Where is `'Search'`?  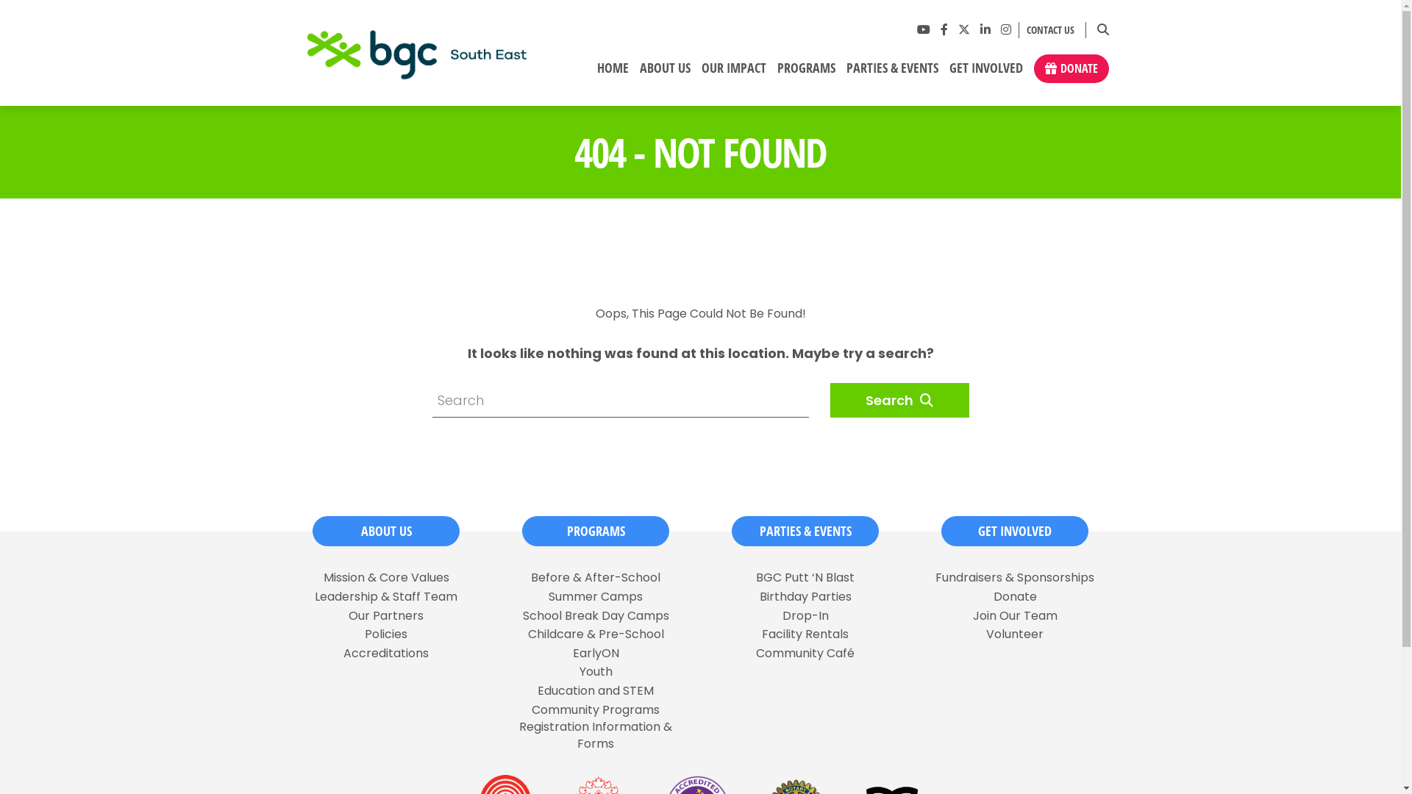 'Search' is located at coordinates (898, 400).